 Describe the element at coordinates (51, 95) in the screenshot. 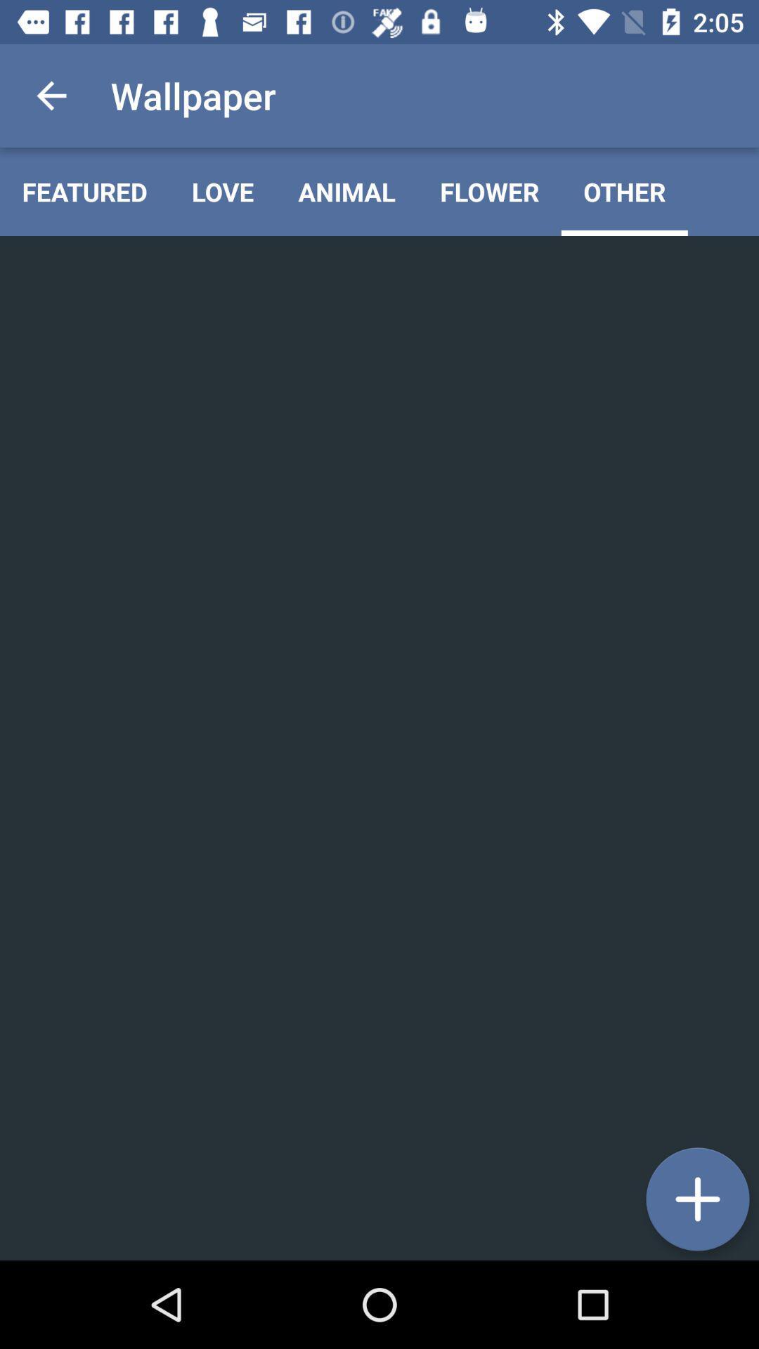

I see `item to the left of wallpaper app` at that location.